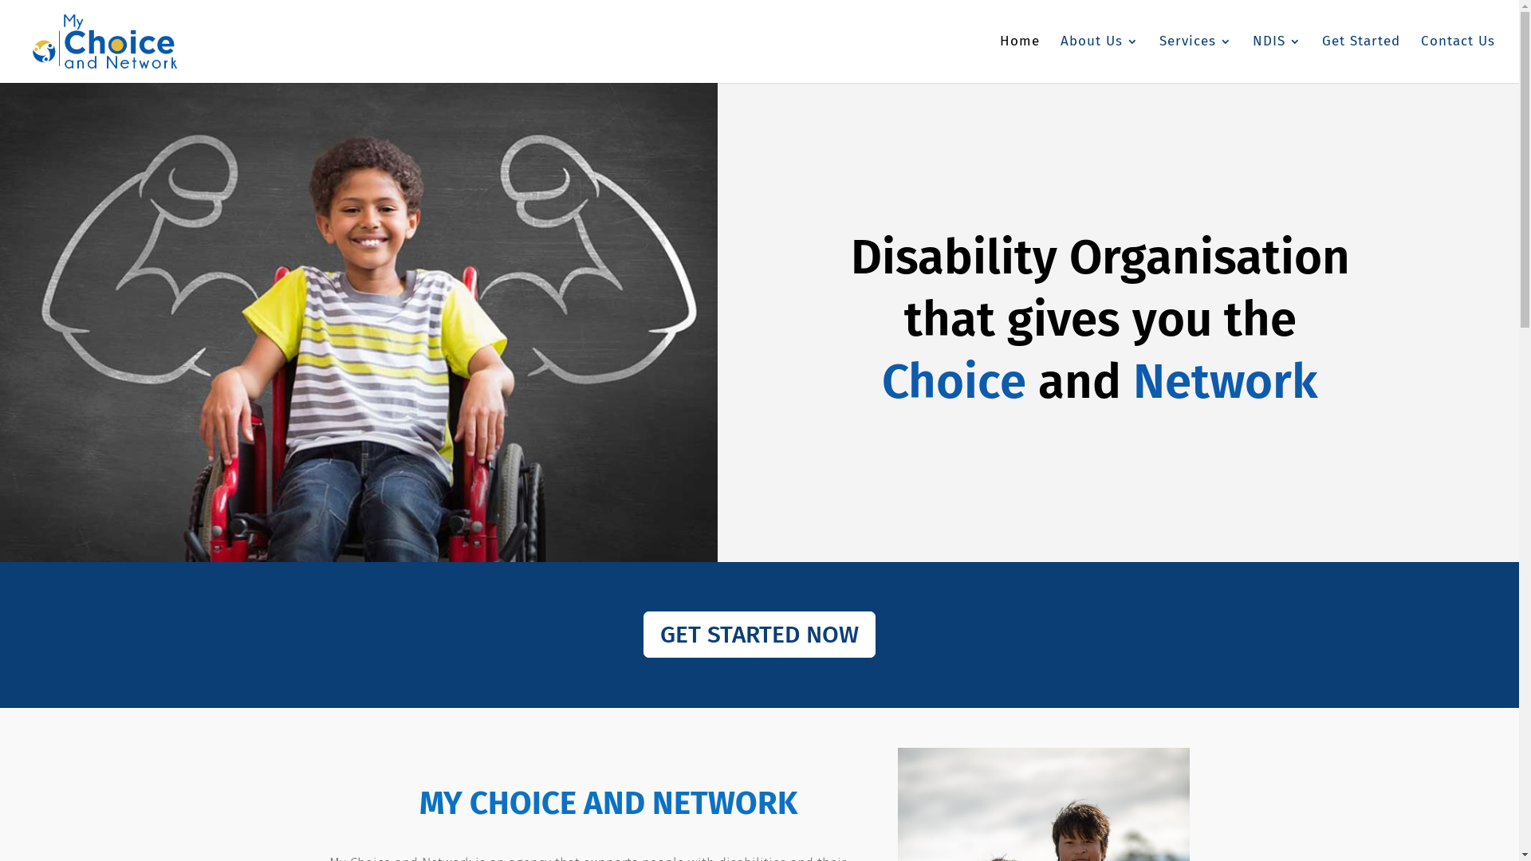  What do you see at coordinates (1420, 58) in the screenshot?
I see `'Contact Us'` at bounding box center [1420, 58].